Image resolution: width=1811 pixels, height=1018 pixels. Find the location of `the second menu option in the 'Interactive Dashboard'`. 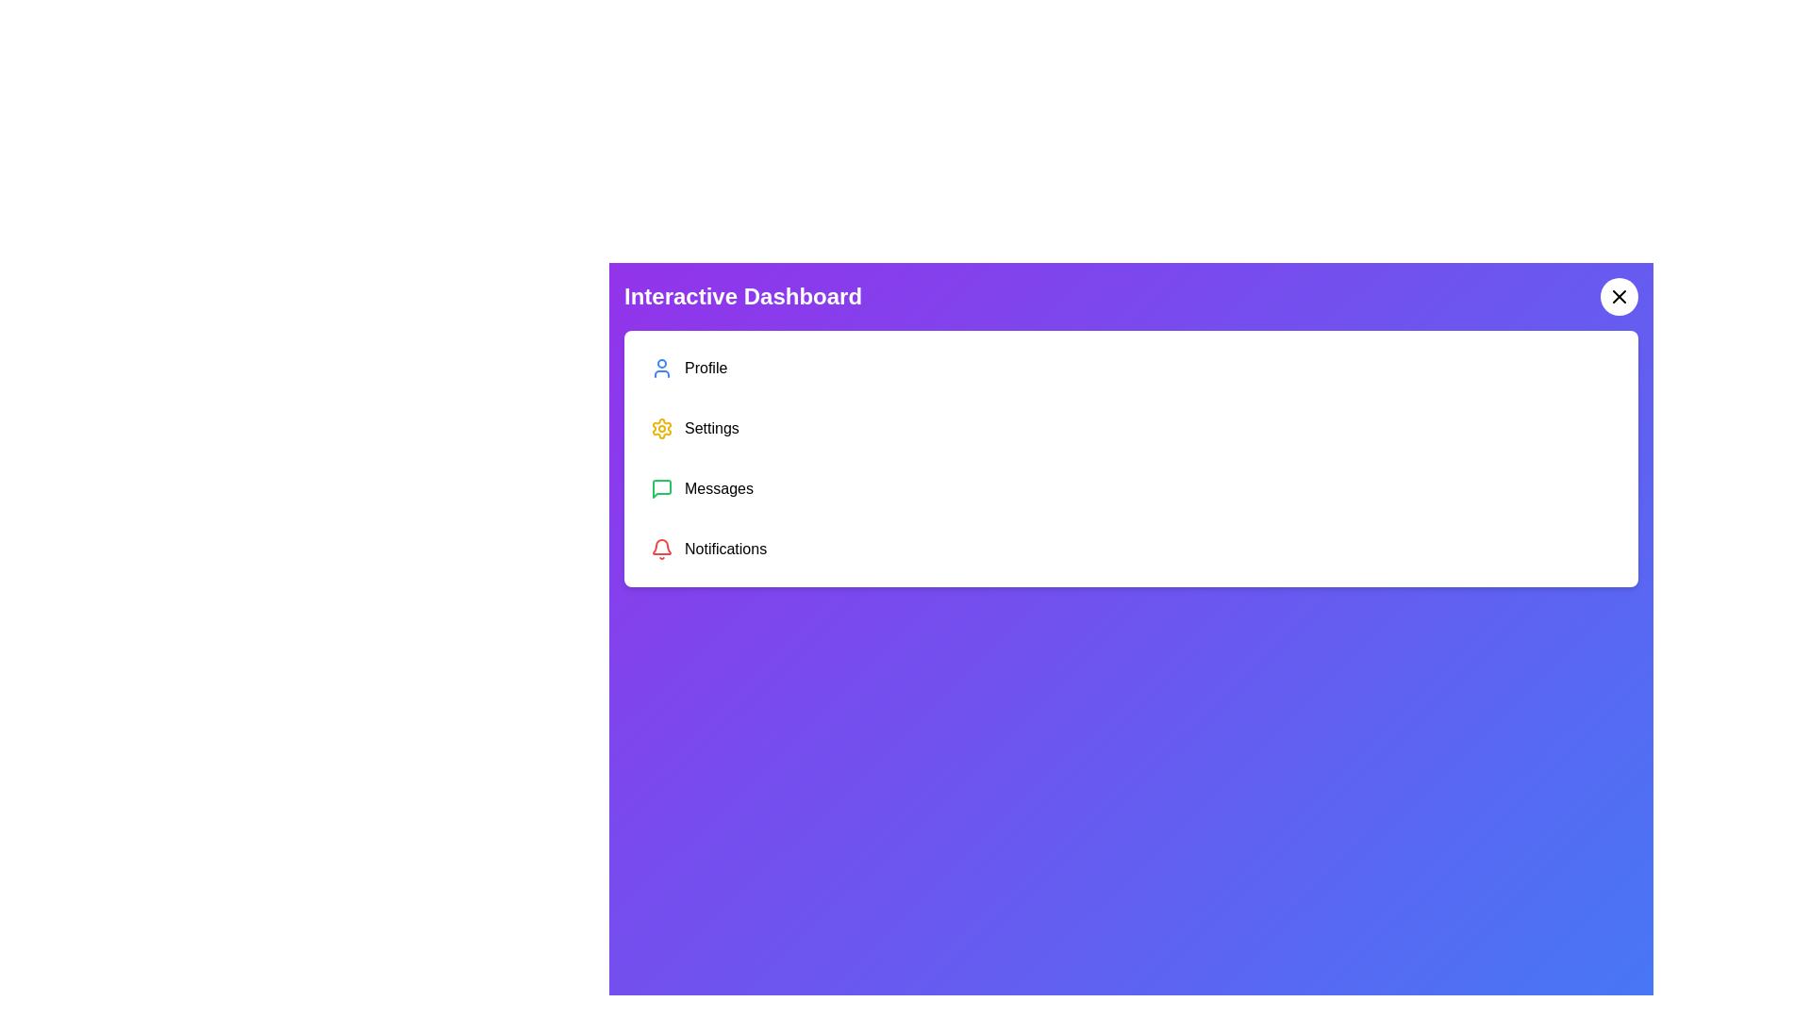

the second menu option in the 'Interactive Dashboard' is located at coordinates (1131, 429).